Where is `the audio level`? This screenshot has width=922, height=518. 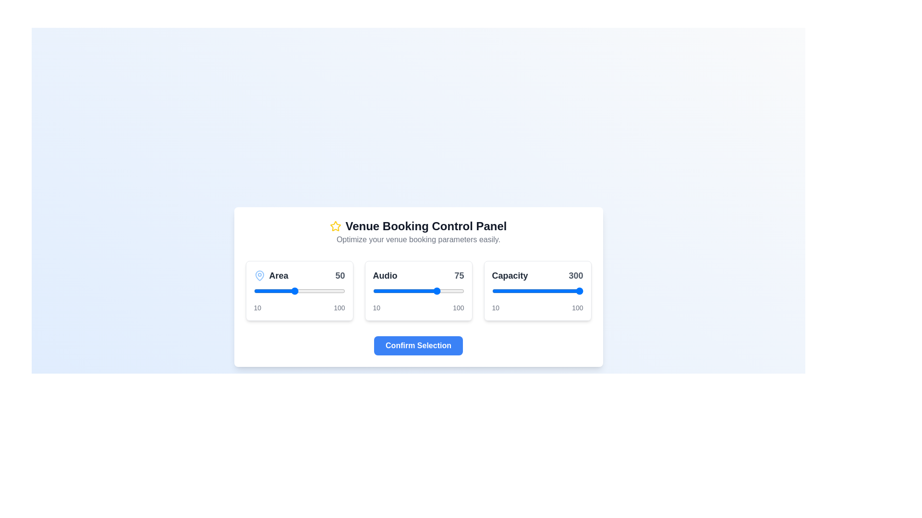
the audio level is located at coordinates (374, 290).